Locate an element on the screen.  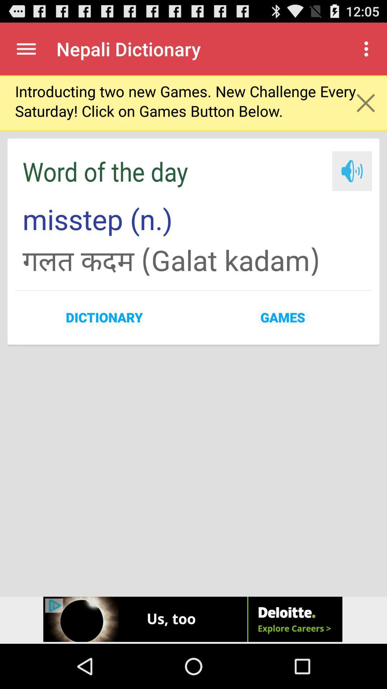
the icon which is next to word of the day is located at coordinates (352, 171).